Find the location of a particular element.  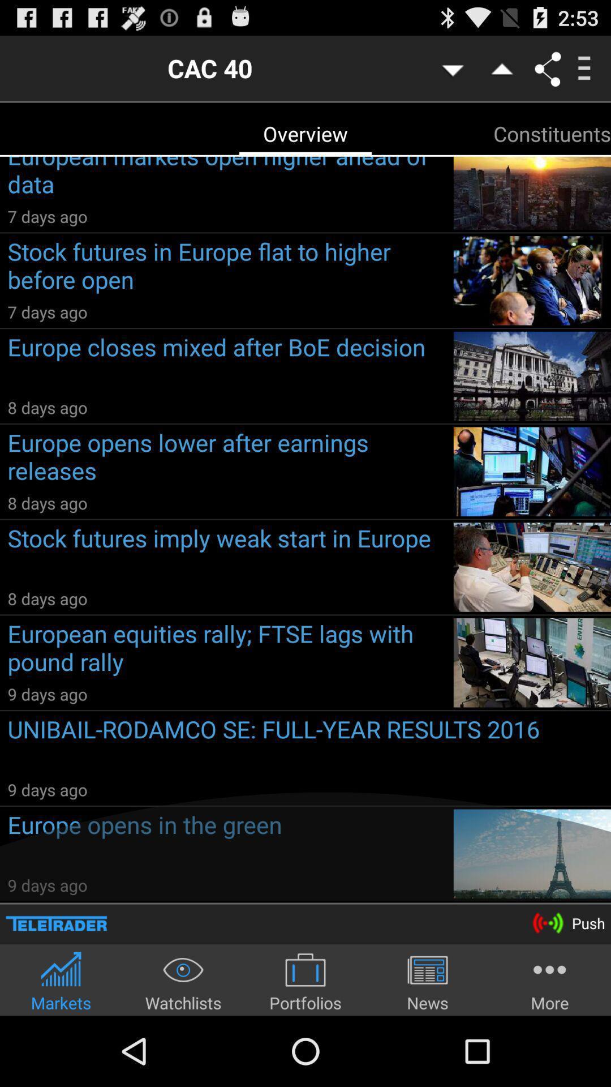

the european equities rally is located at coordinates (226, 650).